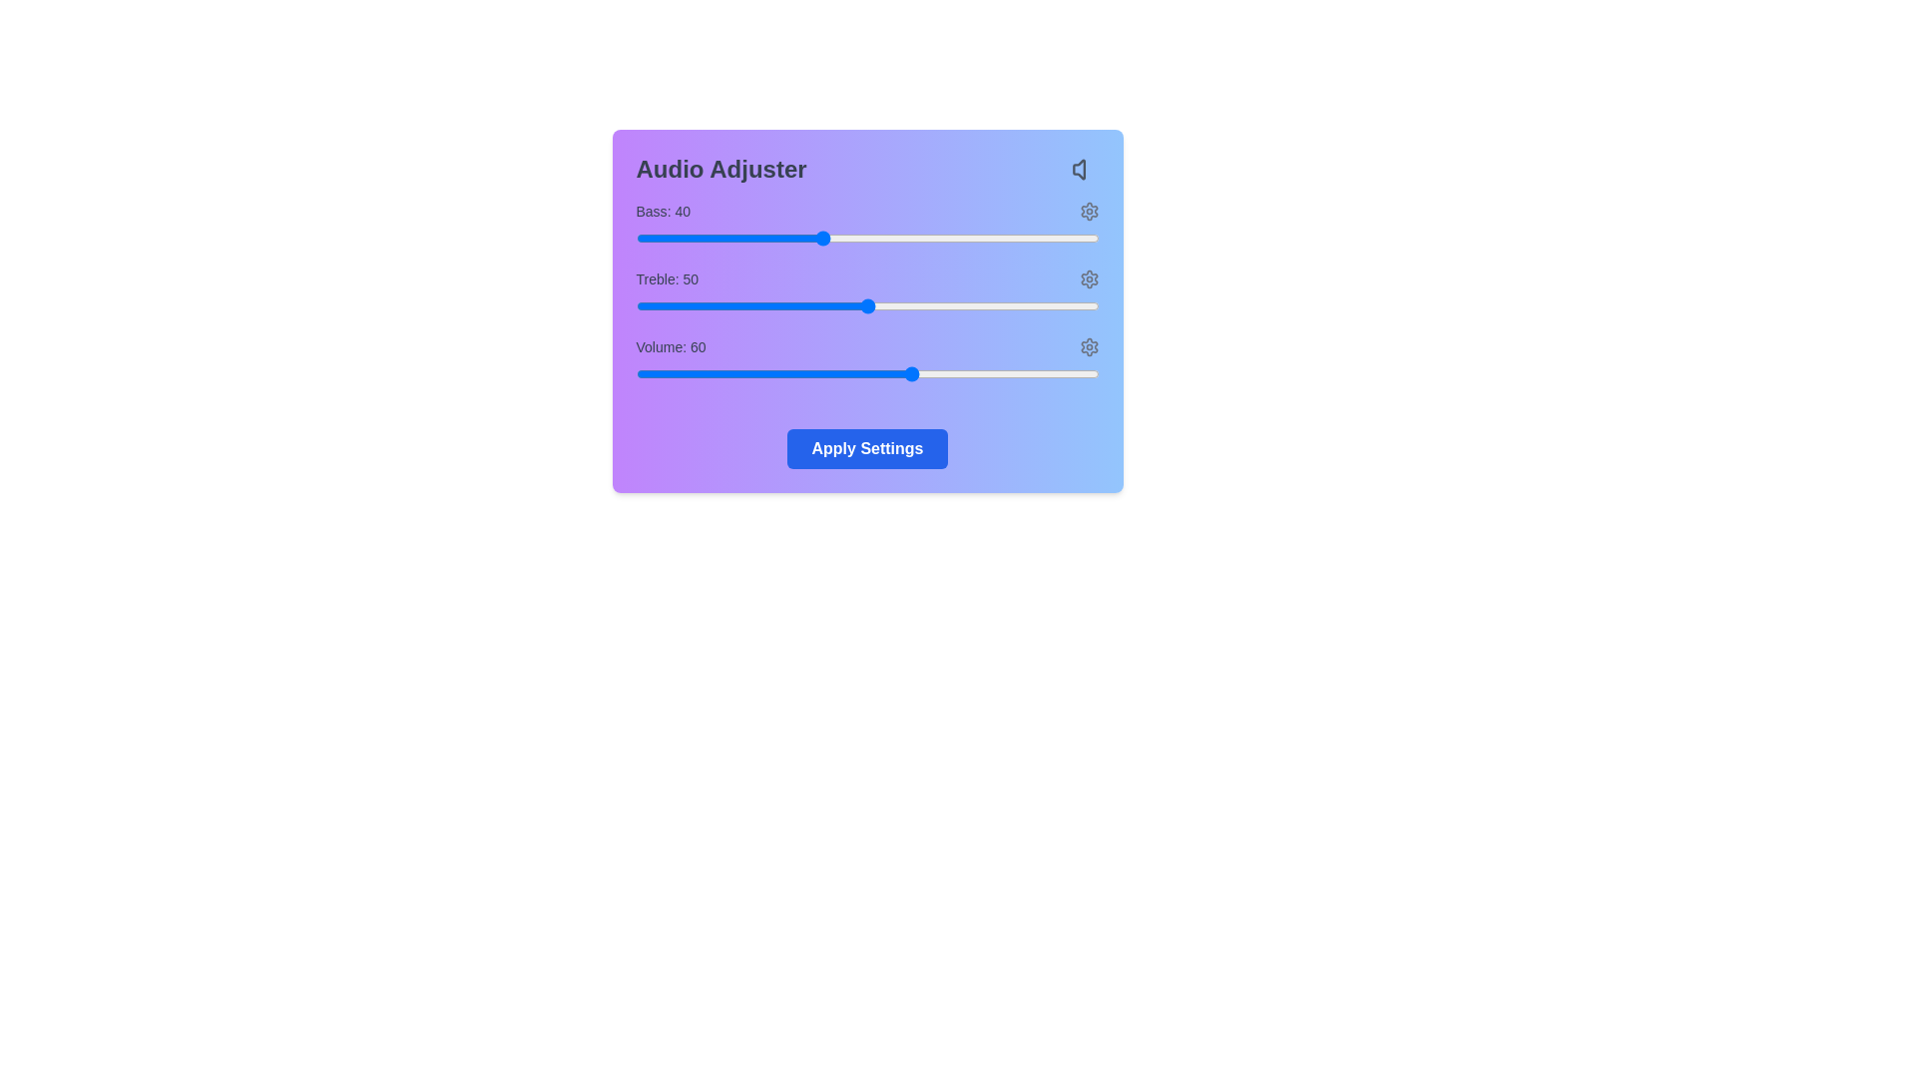 The image size is (1916, 1078). What do you see at coordinates (727, 238) in the screenshot?
I see `the bass level` at bounding box center [727, 238].